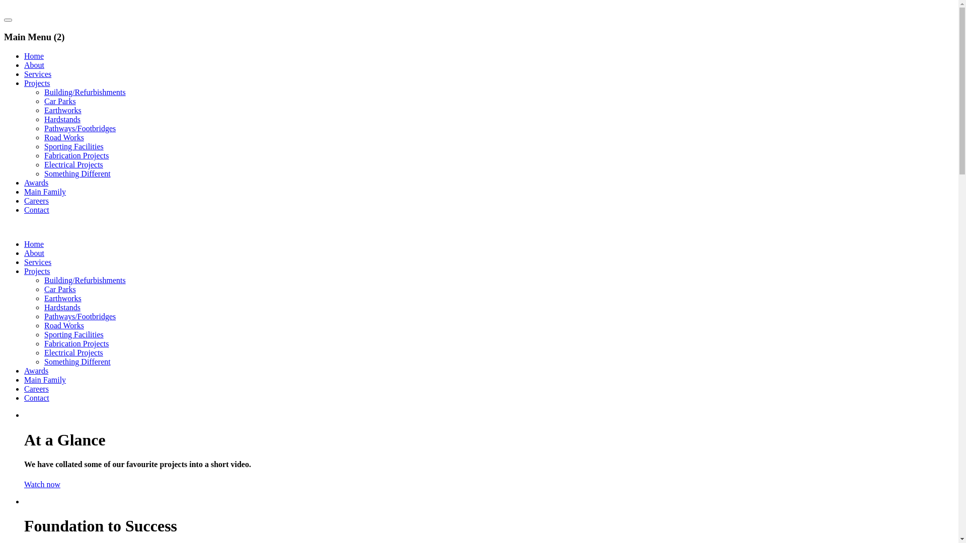 The image size is (966, 543). Describe the element at coordinates (38, 73) in the screenshot. I see `'Services'` at that location.